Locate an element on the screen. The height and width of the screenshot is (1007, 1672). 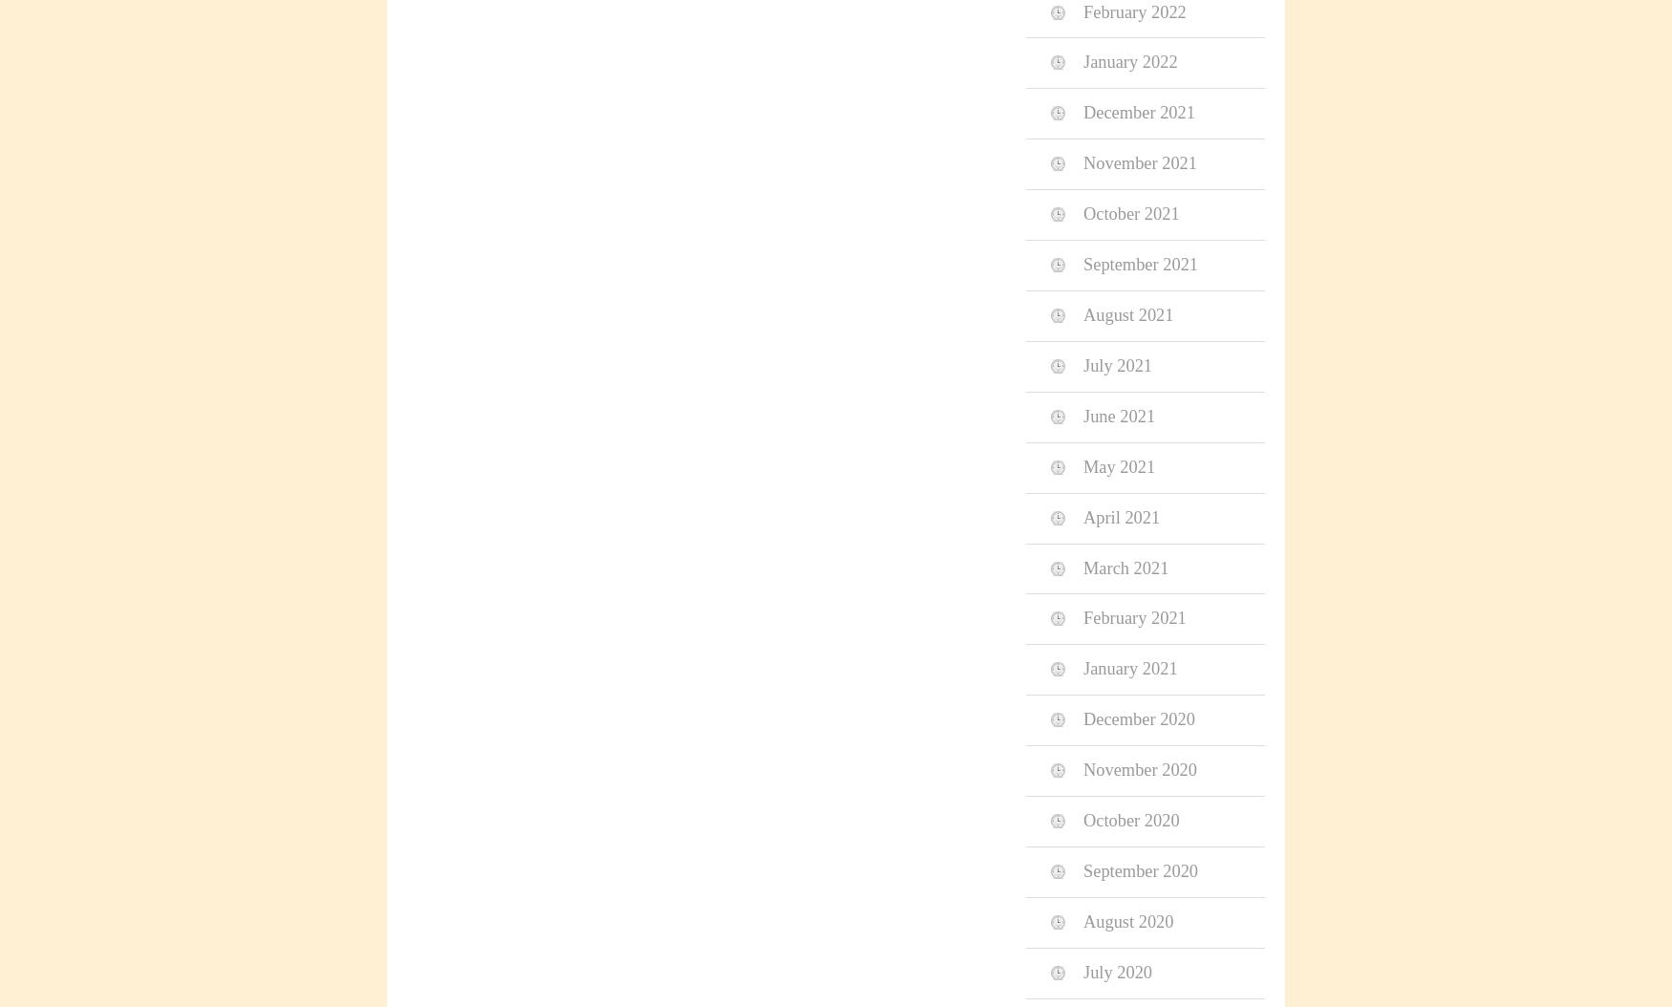
'November 2020' is located at coordinates (1140, 768).